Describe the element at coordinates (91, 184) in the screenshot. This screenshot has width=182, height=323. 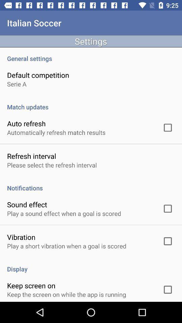
I see `notifications app` at that location.